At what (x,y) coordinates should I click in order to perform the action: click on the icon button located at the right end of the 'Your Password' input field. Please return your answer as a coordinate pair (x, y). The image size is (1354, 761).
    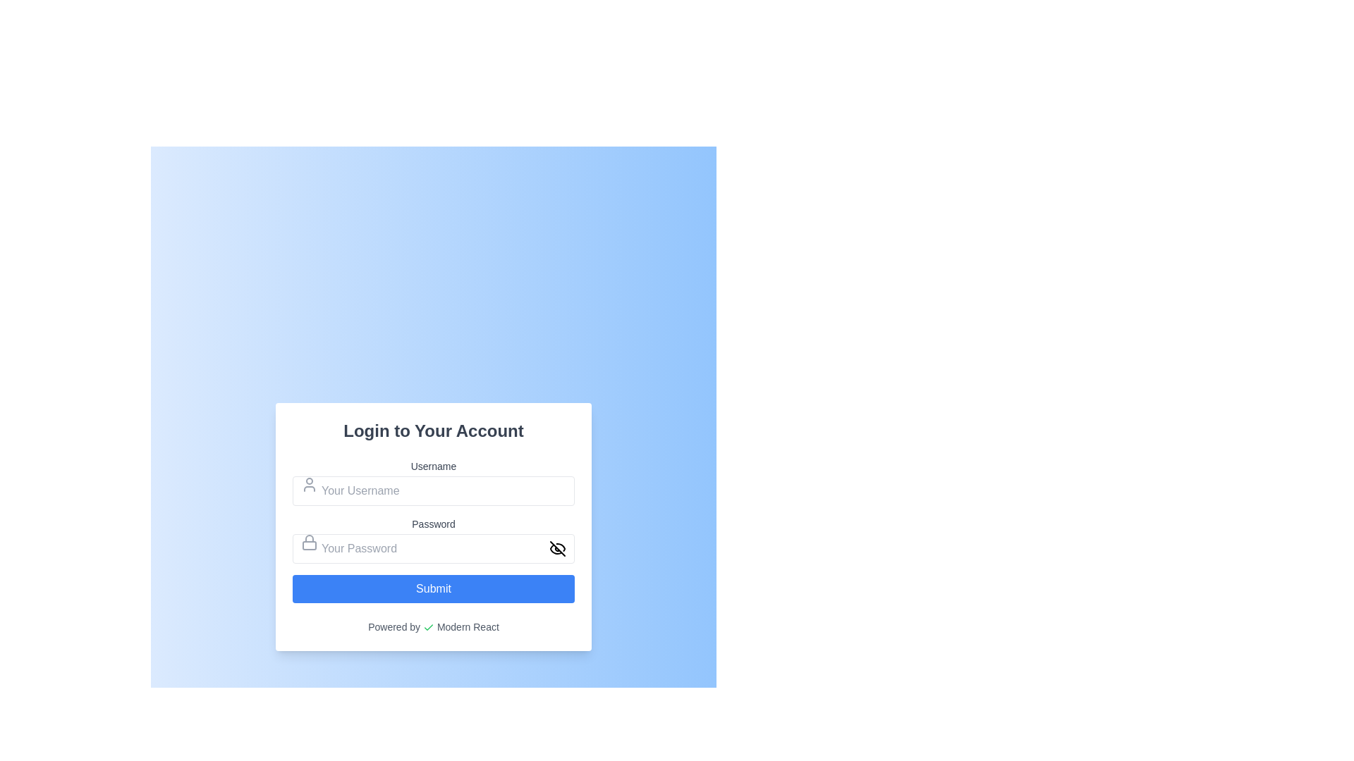
    Looking at the image, I should click on (557, 548).